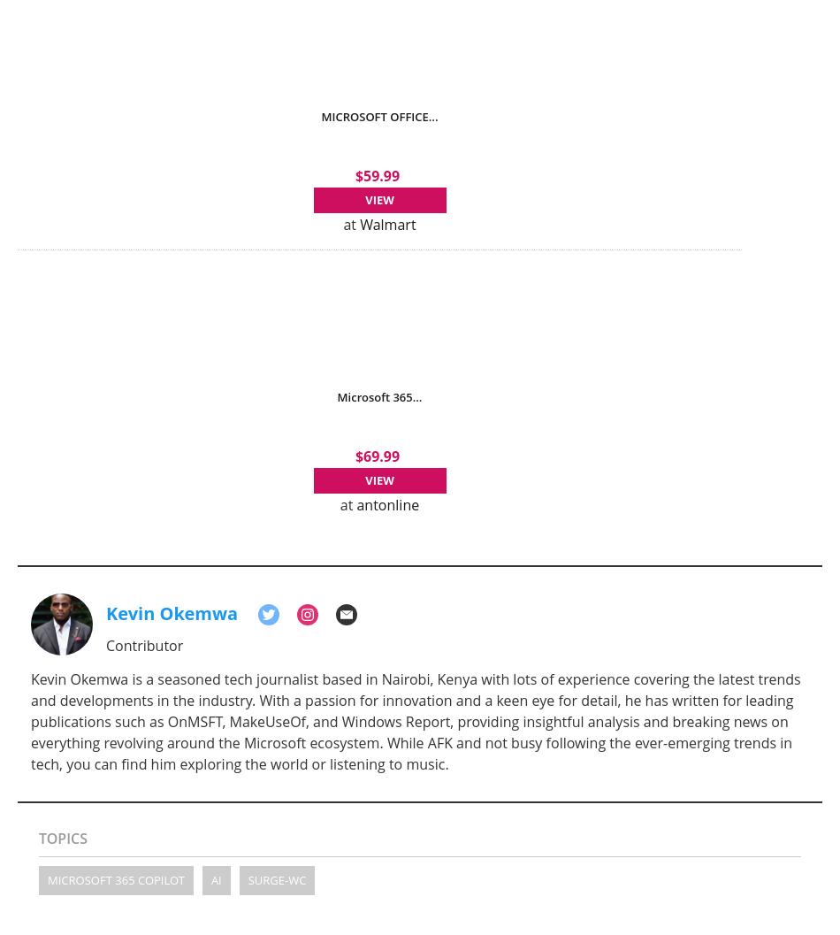  Describe the element at coordinates (386, 223) in the screenshot. I see `'Walmart'` at that location.